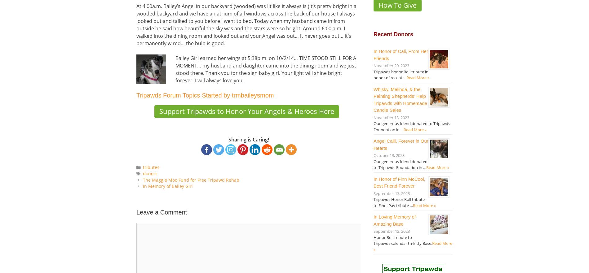  What do you see at coordinates (401, 74) in the screenshot?
I see `'Tripawds honor Roll tribute in honor of recent …'` at bounding box center [401, 74].